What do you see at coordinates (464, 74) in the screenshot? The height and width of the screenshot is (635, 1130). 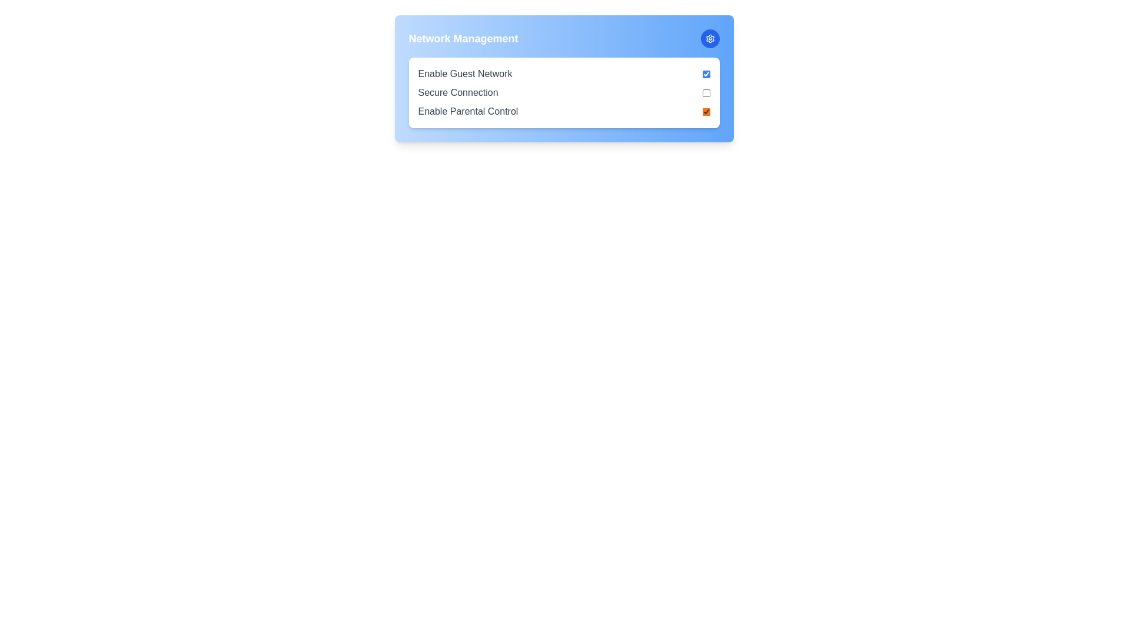 I see `text label displaying 'Enable Guest Network' in gray font color, which is the first item in the settings panel aligned with a checkbox` at bounding box center [464, 74].